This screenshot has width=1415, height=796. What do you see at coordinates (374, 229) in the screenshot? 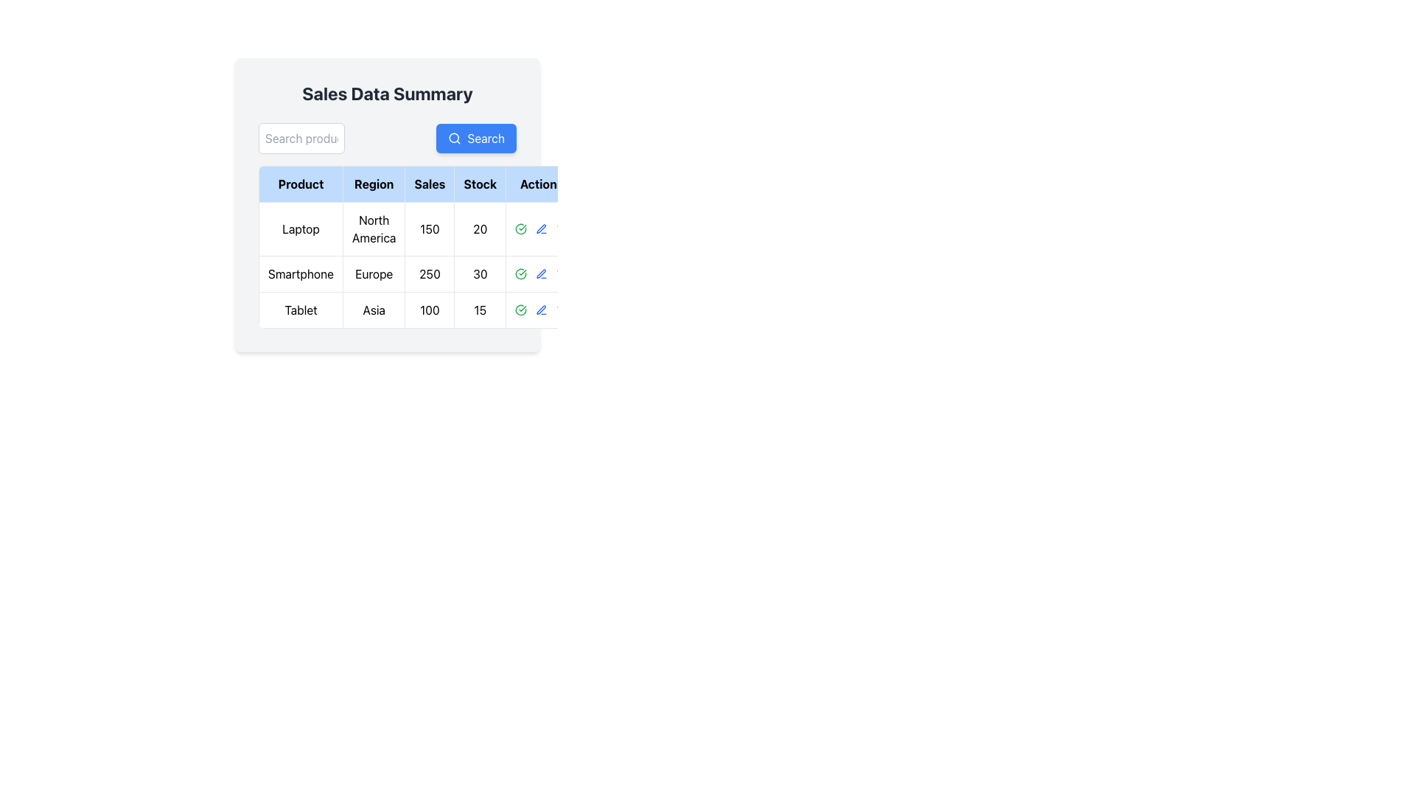
I see `the 'North America' label in the table under the 'Region' column, which is the second cell in the row for the product 'Laptop'` at bounding box center [374, 229].